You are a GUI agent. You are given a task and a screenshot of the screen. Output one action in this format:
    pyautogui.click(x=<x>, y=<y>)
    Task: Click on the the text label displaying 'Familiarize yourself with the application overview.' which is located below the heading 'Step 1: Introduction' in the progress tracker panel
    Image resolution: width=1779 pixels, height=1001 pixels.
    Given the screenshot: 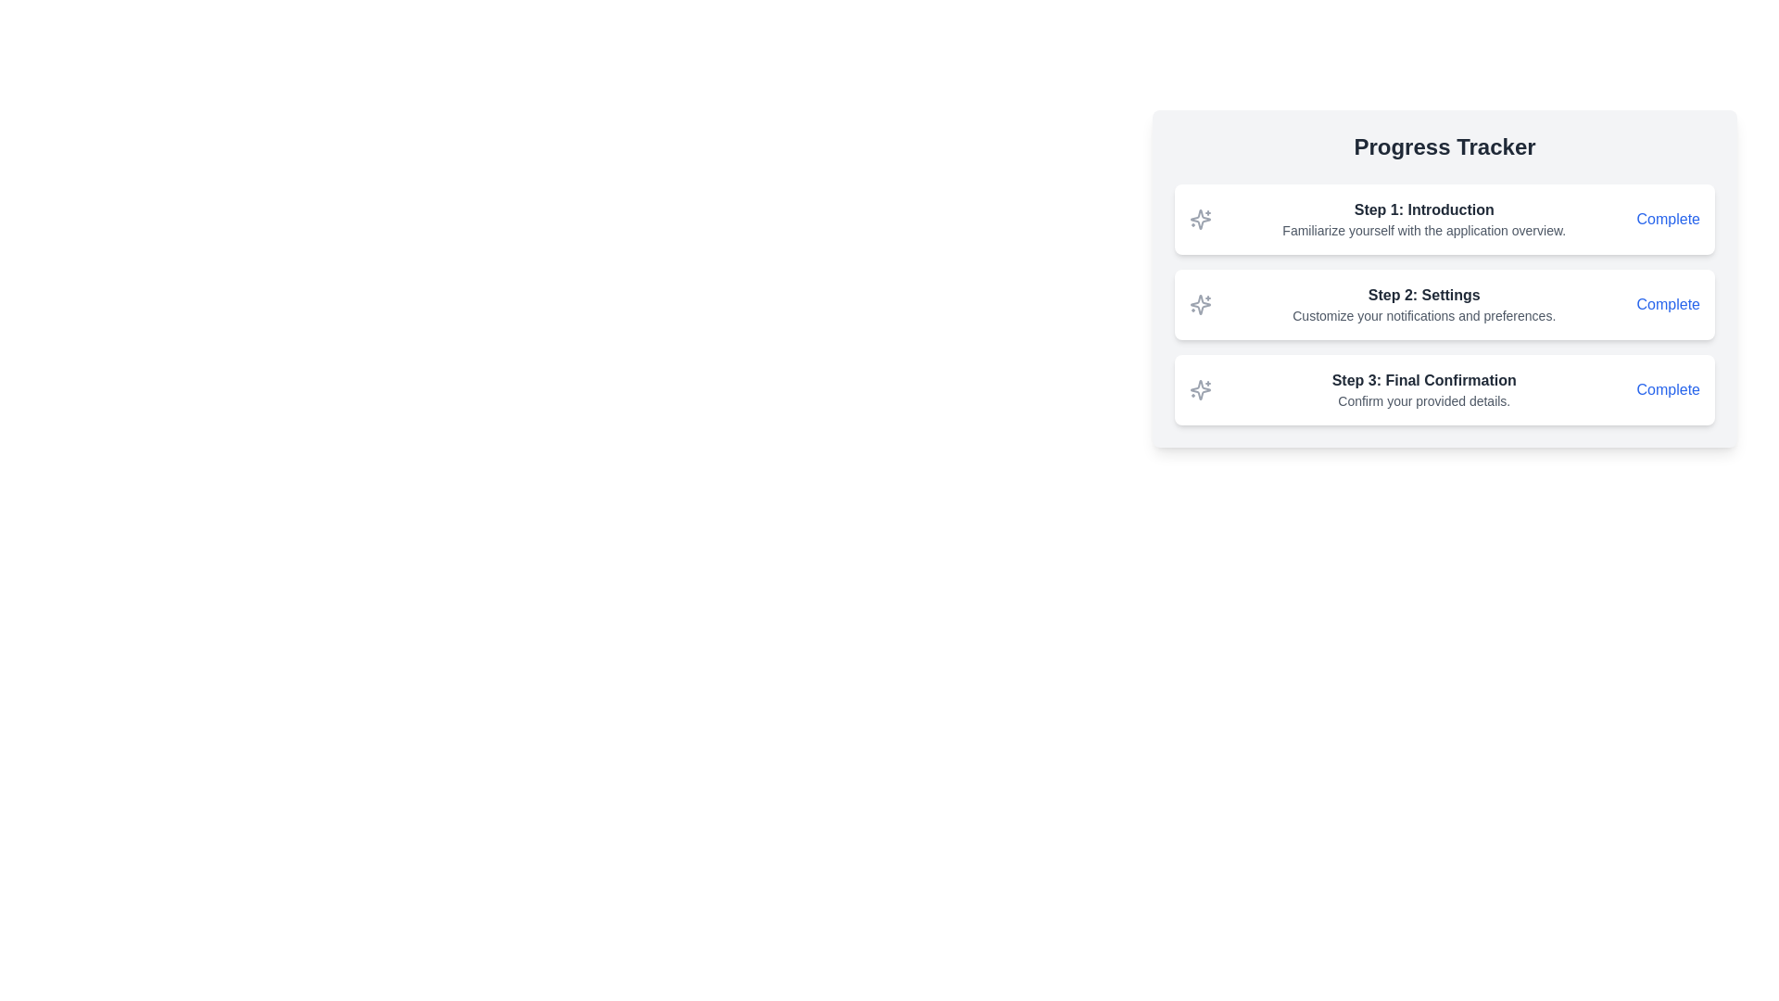 What is the action you would take?
    pyautogui.click(x=1423, y=230)
    